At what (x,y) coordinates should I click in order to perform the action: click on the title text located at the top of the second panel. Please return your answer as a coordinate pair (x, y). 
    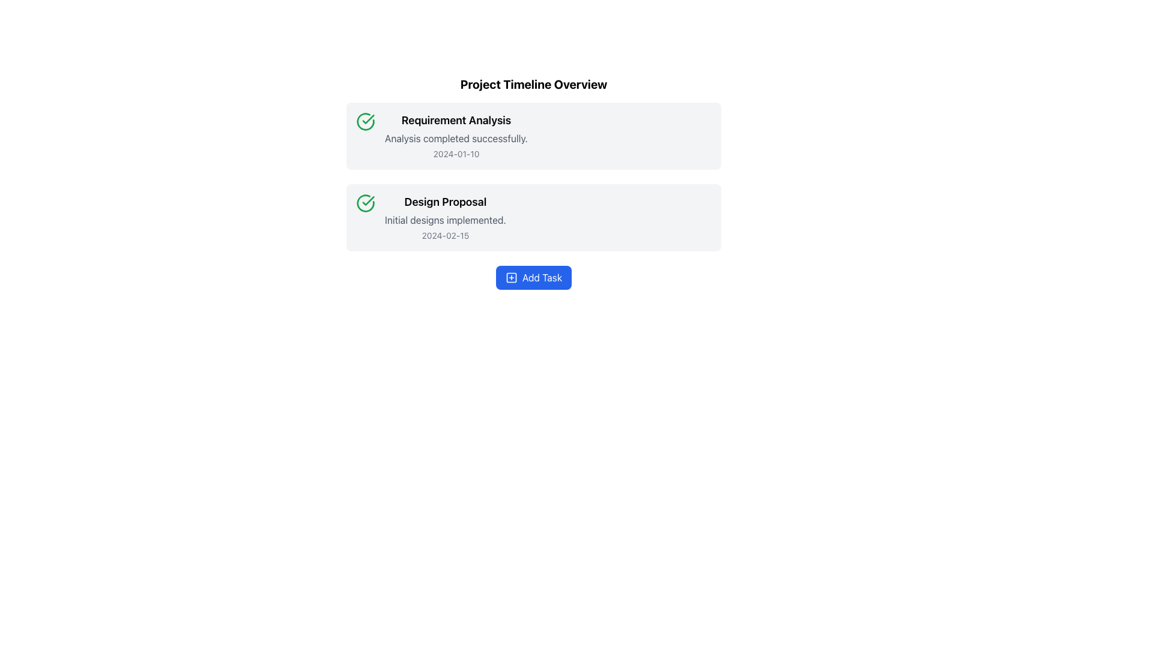
    Looking at the image, I should click on (444, 201).